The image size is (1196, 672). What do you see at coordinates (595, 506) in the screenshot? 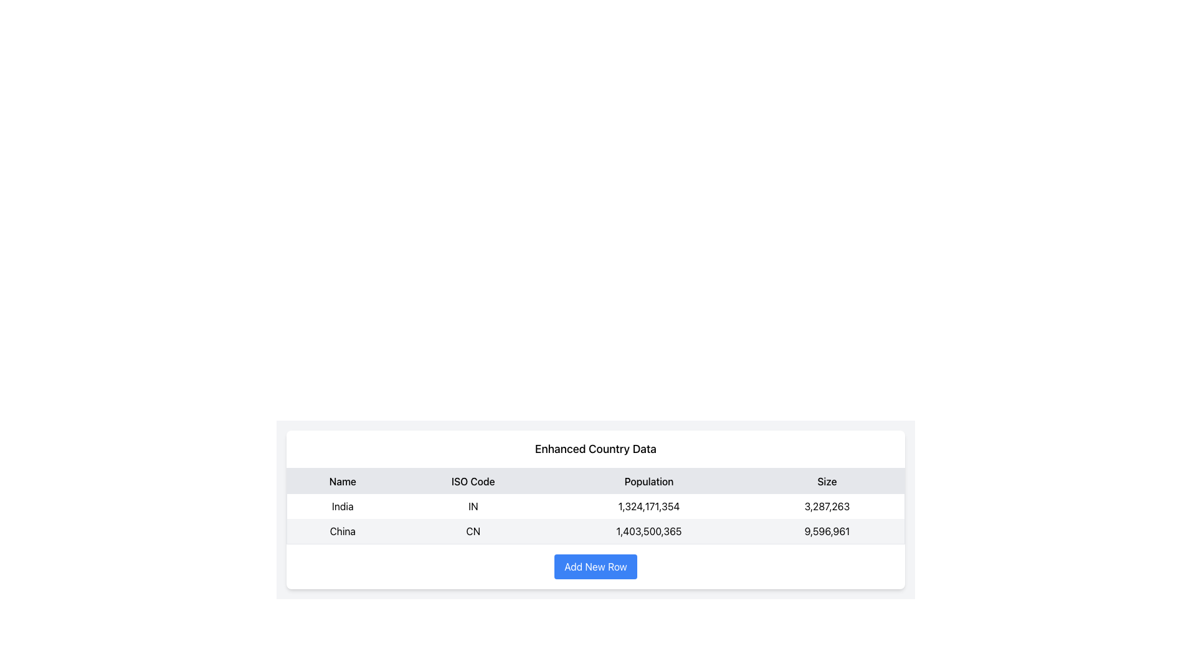
I see `the content cells of the table row displaying detailed information about the country 'India', located in the first data row of the 'Enhanced Country Data' table` at bounding box center [595, 506].